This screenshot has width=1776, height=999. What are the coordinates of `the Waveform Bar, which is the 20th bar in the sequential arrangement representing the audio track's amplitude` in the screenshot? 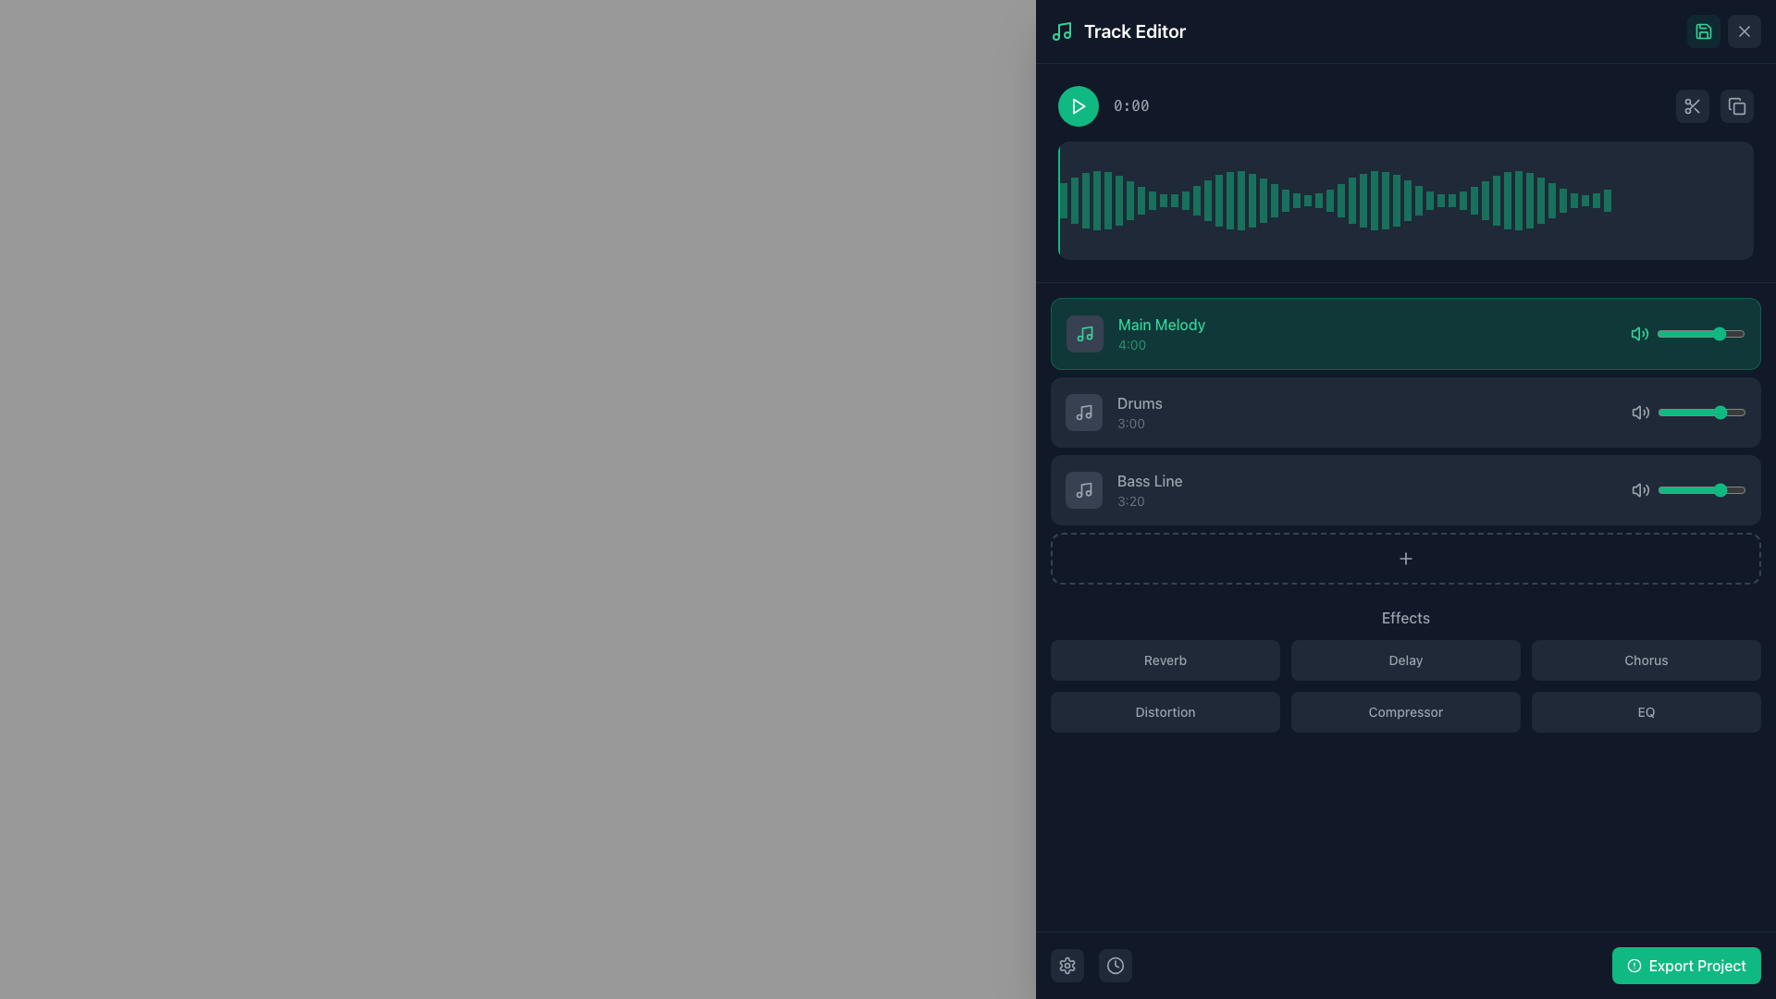 It's located at (1273, 200).